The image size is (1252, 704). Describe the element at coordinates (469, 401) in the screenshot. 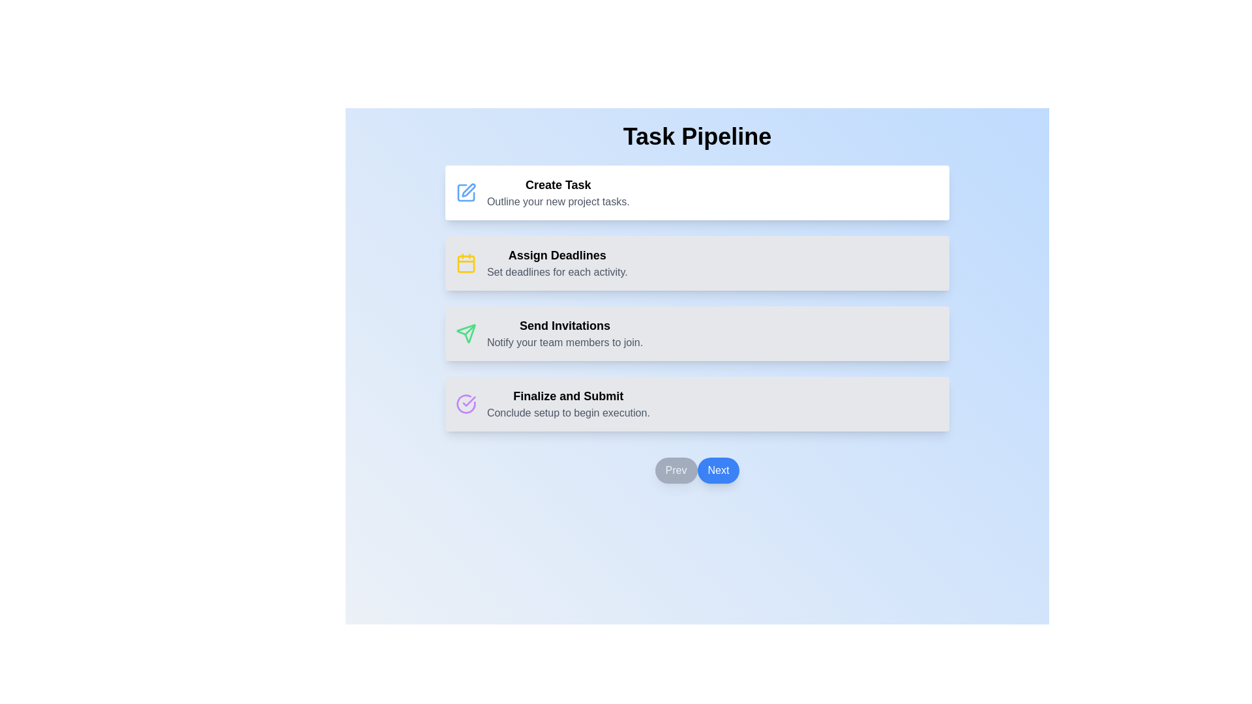

I see `the purple checkmark icon located within a larger circular icon in the bottom-right corner of the interface` at that location.